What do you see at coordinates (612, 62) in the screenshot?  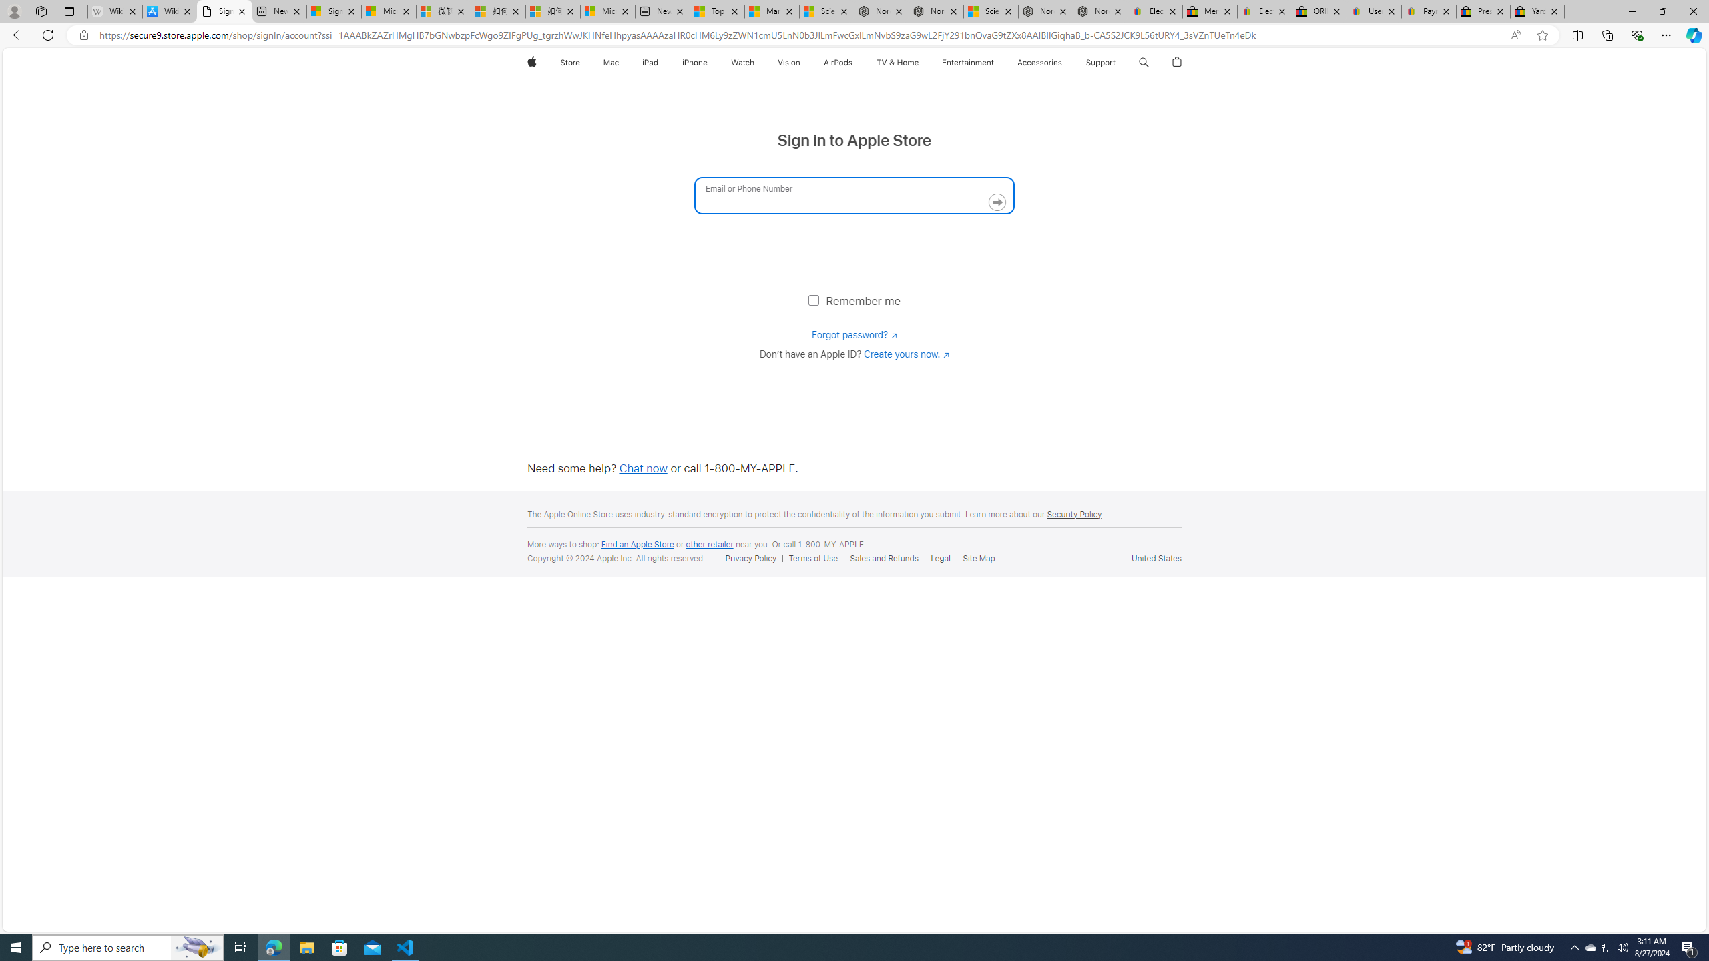 I see `'Mac'` at bounding box center [612, 62].